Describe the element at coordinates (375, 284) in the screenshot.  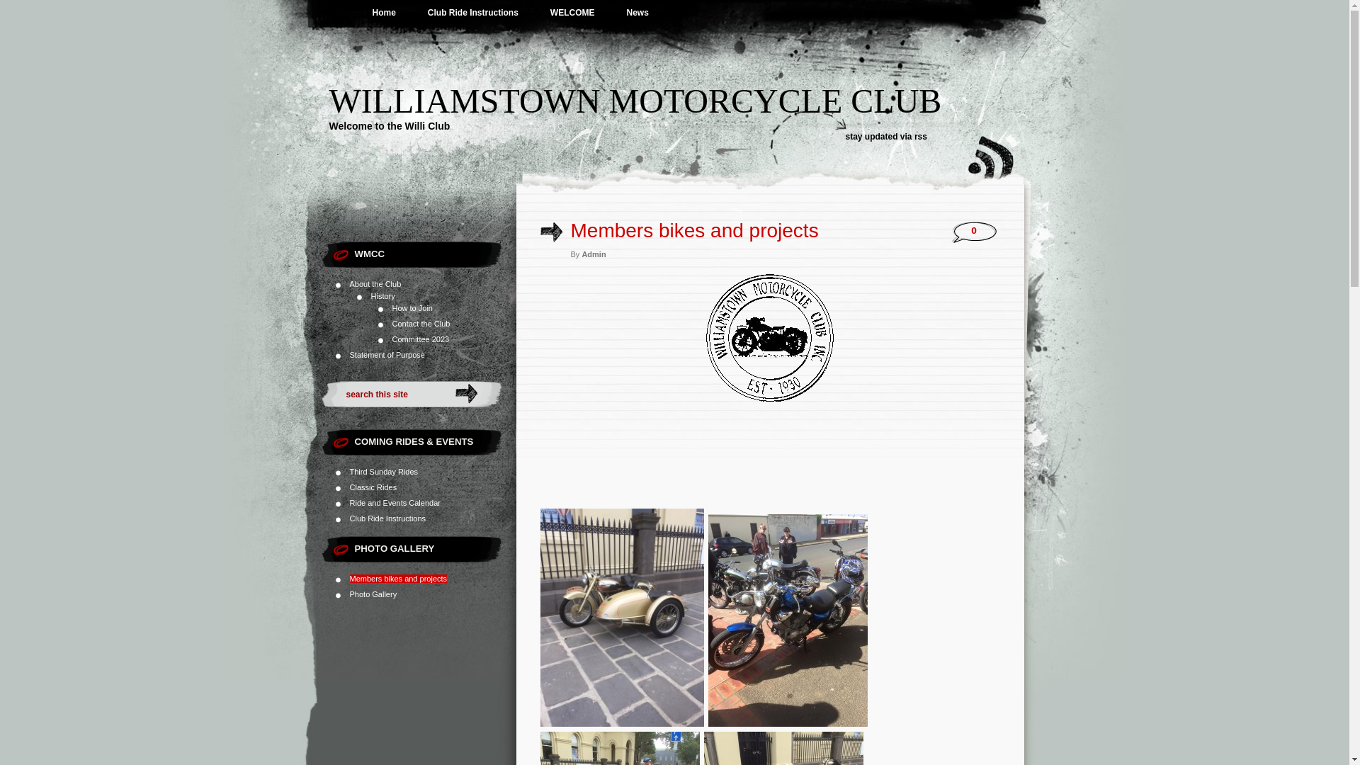
I see `'About the Club'` at that location.